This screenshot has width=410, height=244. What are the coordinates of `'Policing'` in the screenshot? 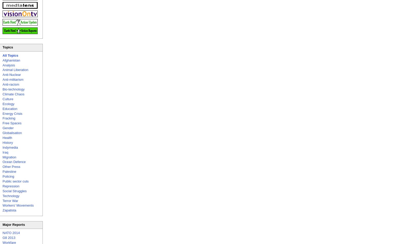 It's located at (8, 176).